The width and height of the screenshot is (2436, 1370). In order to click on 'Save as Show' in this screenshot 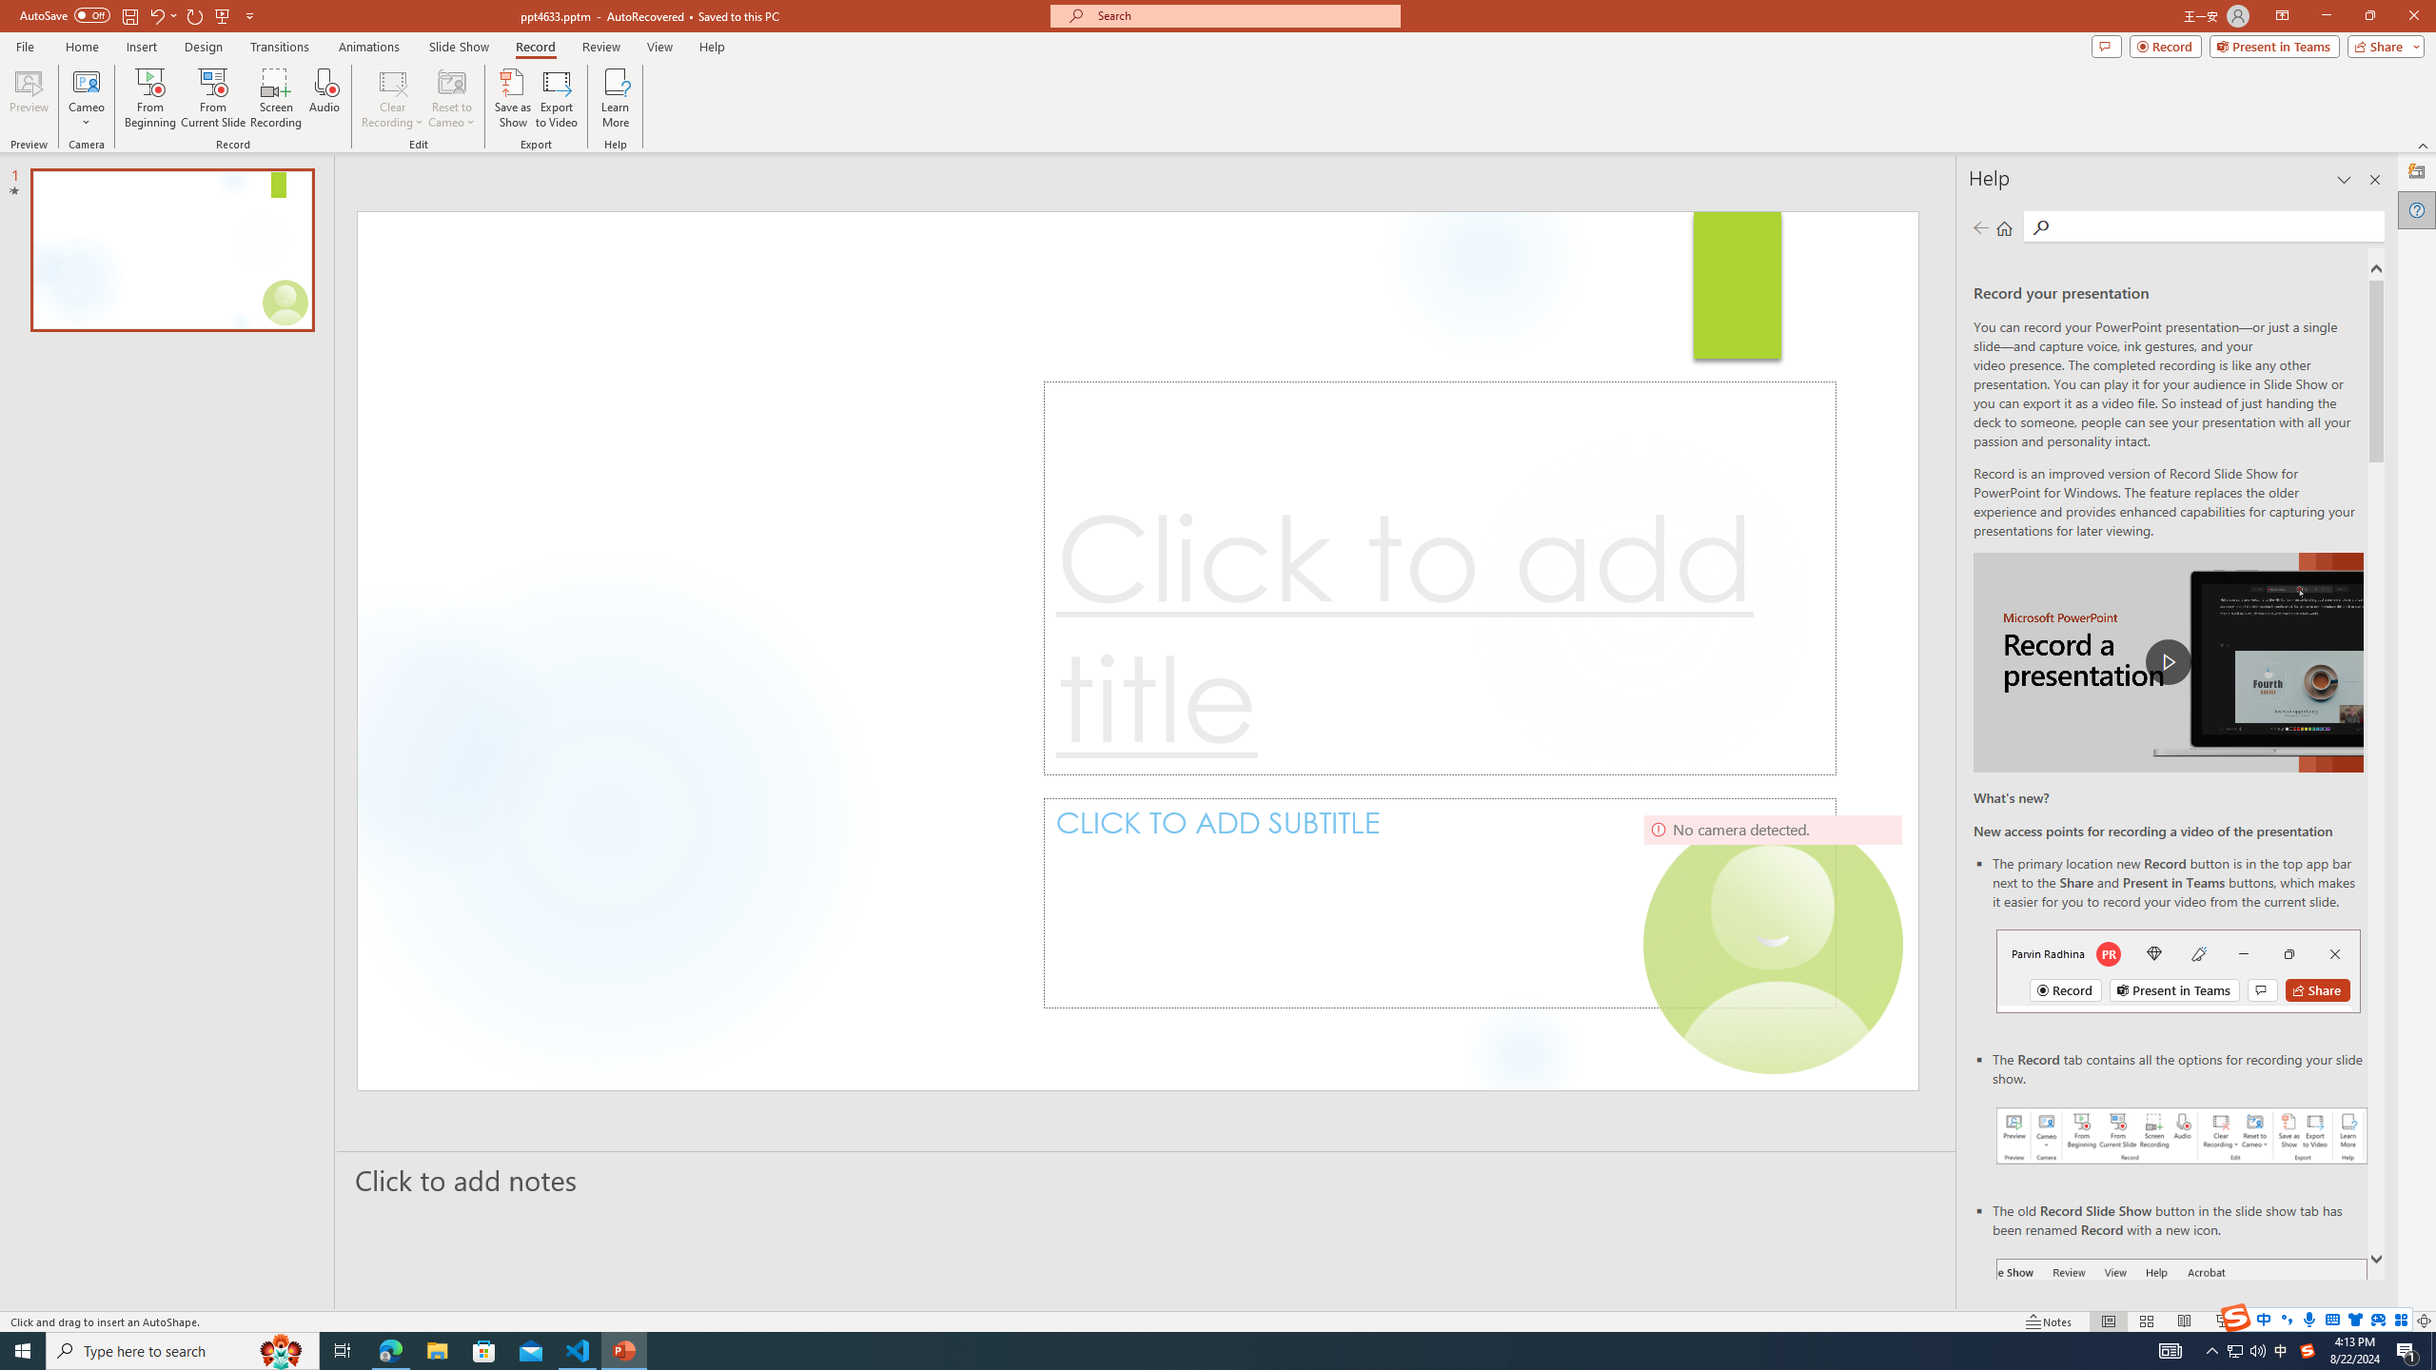, I will do `click(512, 98)`.